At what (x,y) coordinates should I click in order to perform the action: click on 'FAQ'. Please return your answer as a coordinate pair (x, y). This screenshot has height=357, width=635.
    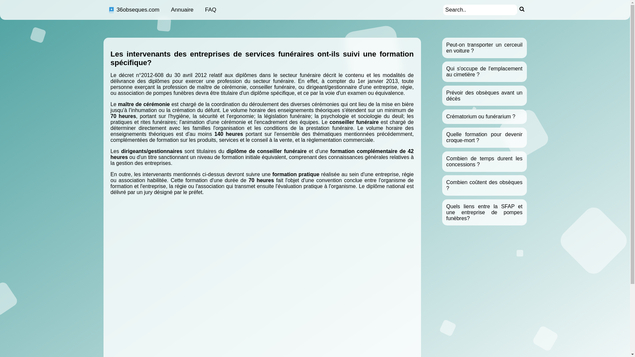
    Looking at the image, I should click on (210, 10).